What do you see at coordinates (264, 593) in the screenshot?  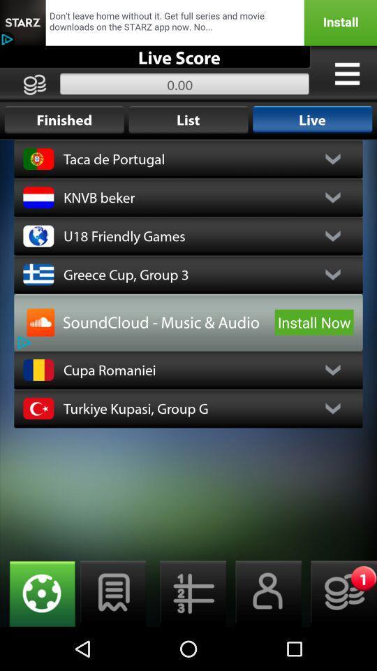 I see `see own profile` at bounding box center [264, 593].